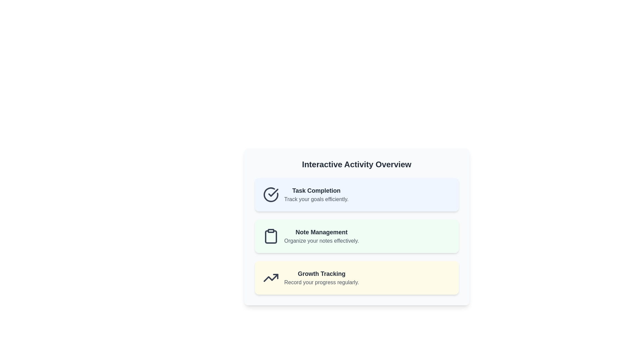 The width and height of the screenshot is (644, 362). Describe the element at coordinates (356, 236) in the screenshot. I see `information on the 'Note Management' informational card, which highlights its purpose: 'Organize your notes effectively.' This card is the second in a vertical stack within the 'Interactive Activity Overview' panel` at that location.